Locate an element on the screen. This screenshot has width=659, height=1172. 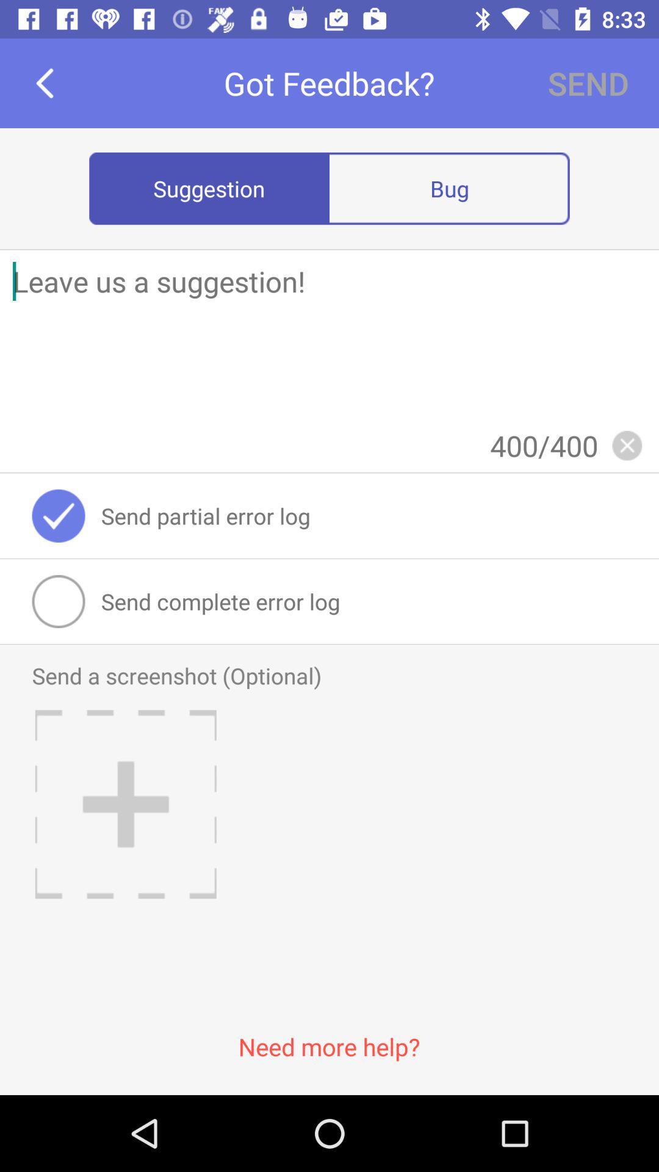
the arrow_backward icon is located at coordinates (44, 82).